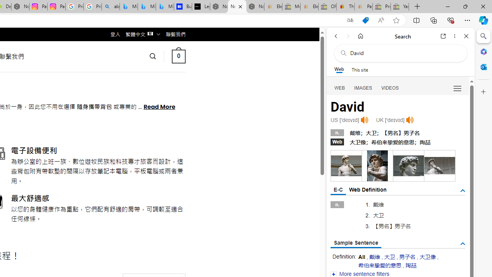  What do you see at coordinates (483, 67) in the screenshot?
I see `'Outlook'` at bounding box center [483, 67].